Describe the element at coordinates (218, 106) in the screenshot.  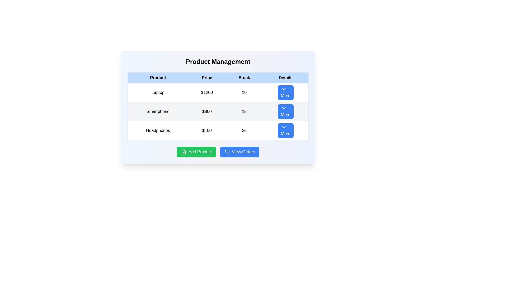
I see `an individual data cell within the product management table, which is styled with rounded corners and alternating row colors, located centrally beneath the 'Product Management' title` at that location.